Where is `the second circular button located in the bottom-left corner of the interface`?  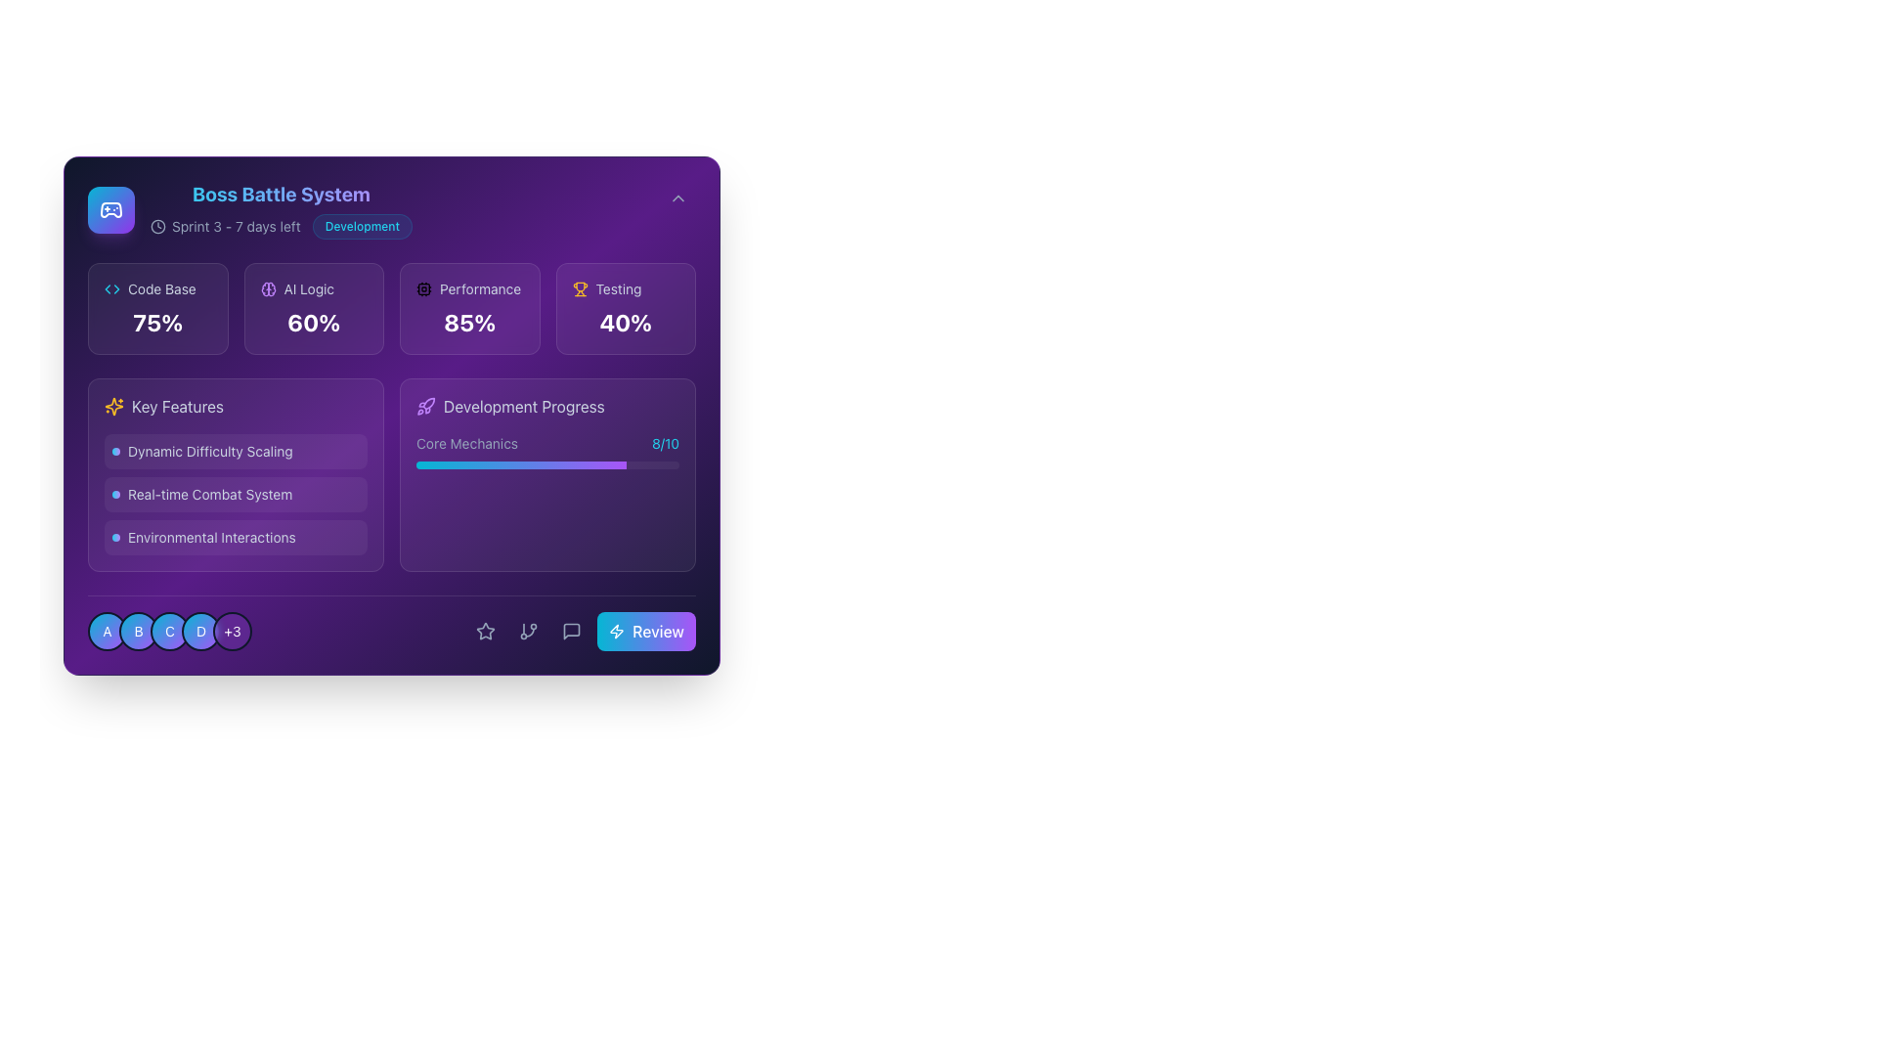
the second circular button located in the bottom-left corner of the interface is located at coordinates (138, 631).